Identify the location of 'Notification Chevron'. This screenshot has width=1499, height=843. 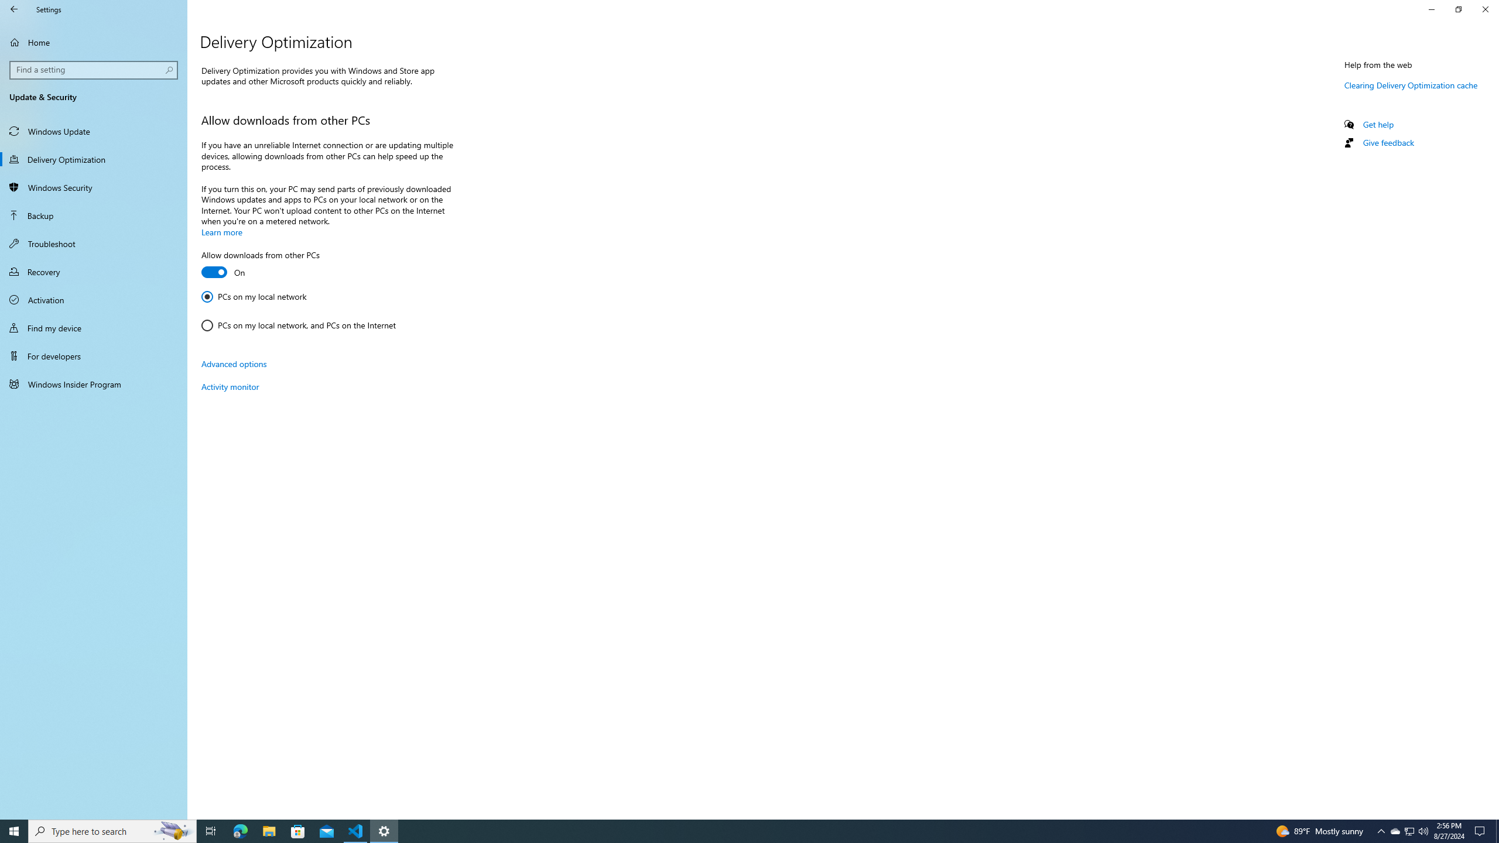
(1381, 830).